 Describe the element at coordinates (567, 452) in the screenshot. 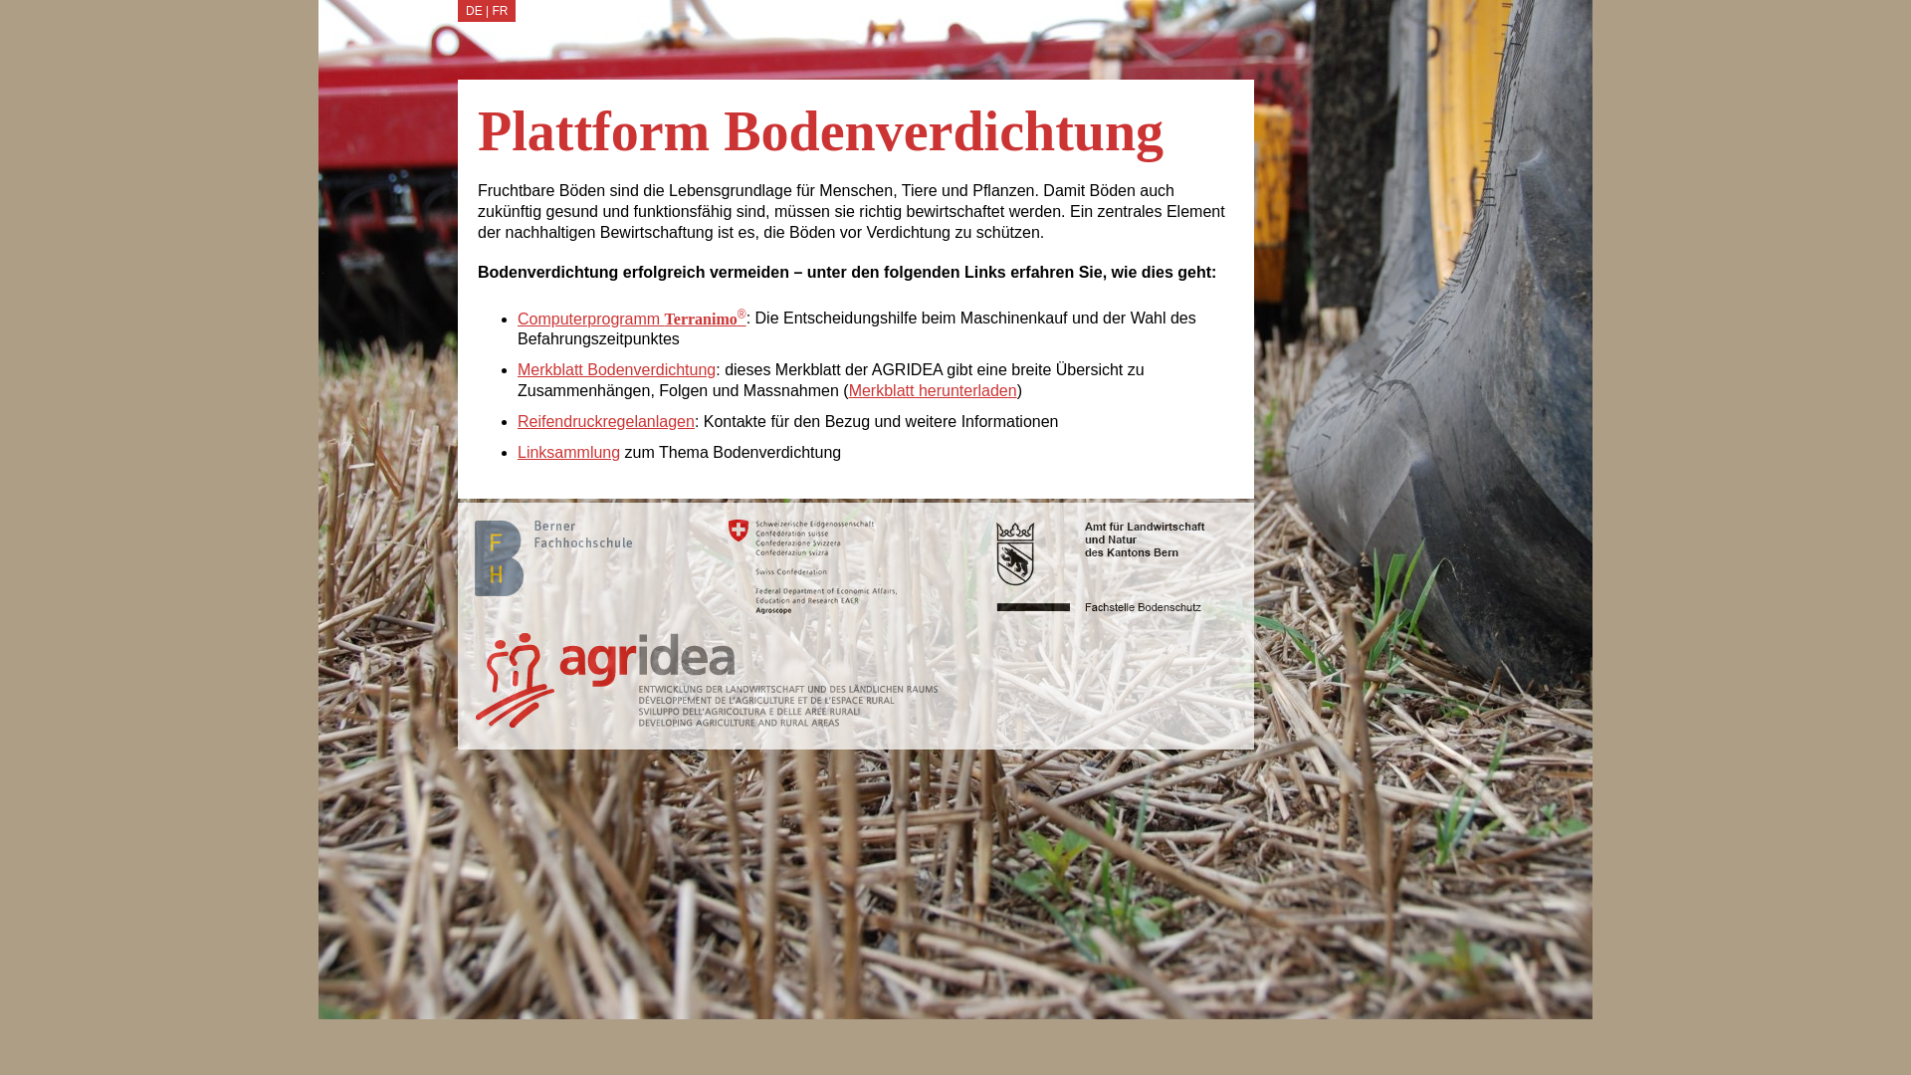

I see `'Linksammlung'` at that location.